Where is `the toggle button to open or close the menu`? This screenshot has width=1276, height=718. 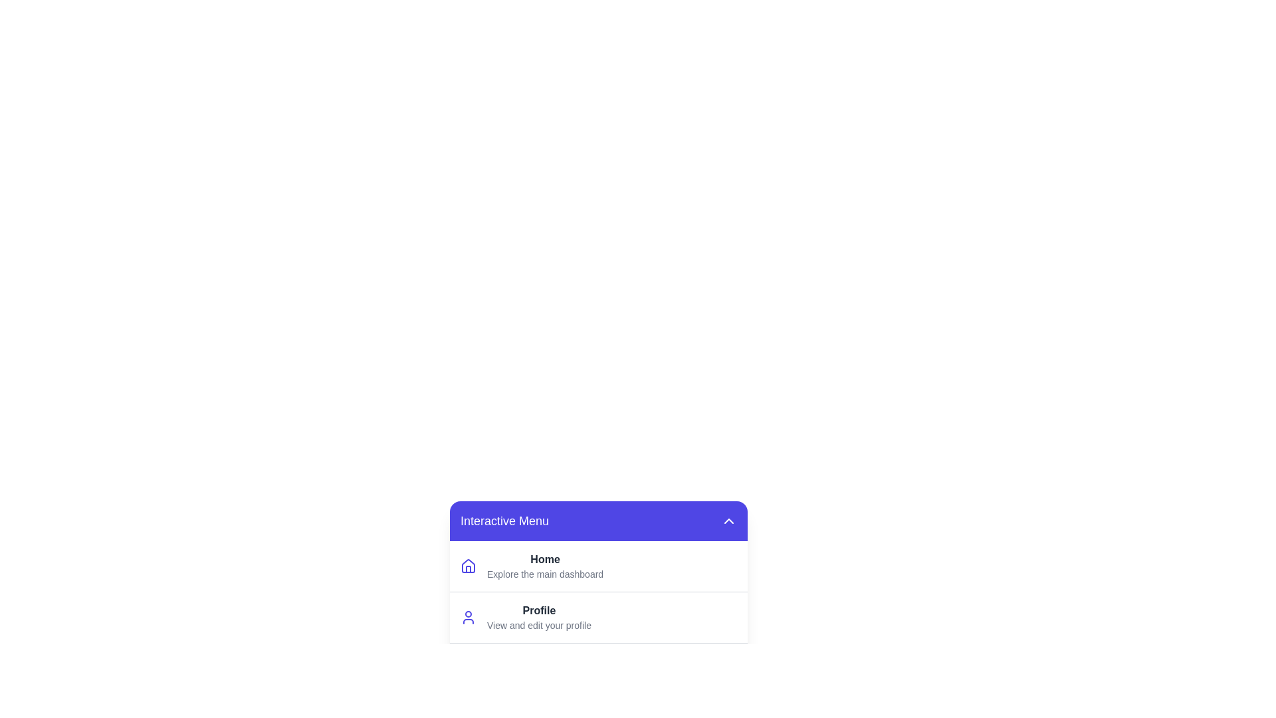 the toggle button to open or close the menu is located at coordinates (728, 520).